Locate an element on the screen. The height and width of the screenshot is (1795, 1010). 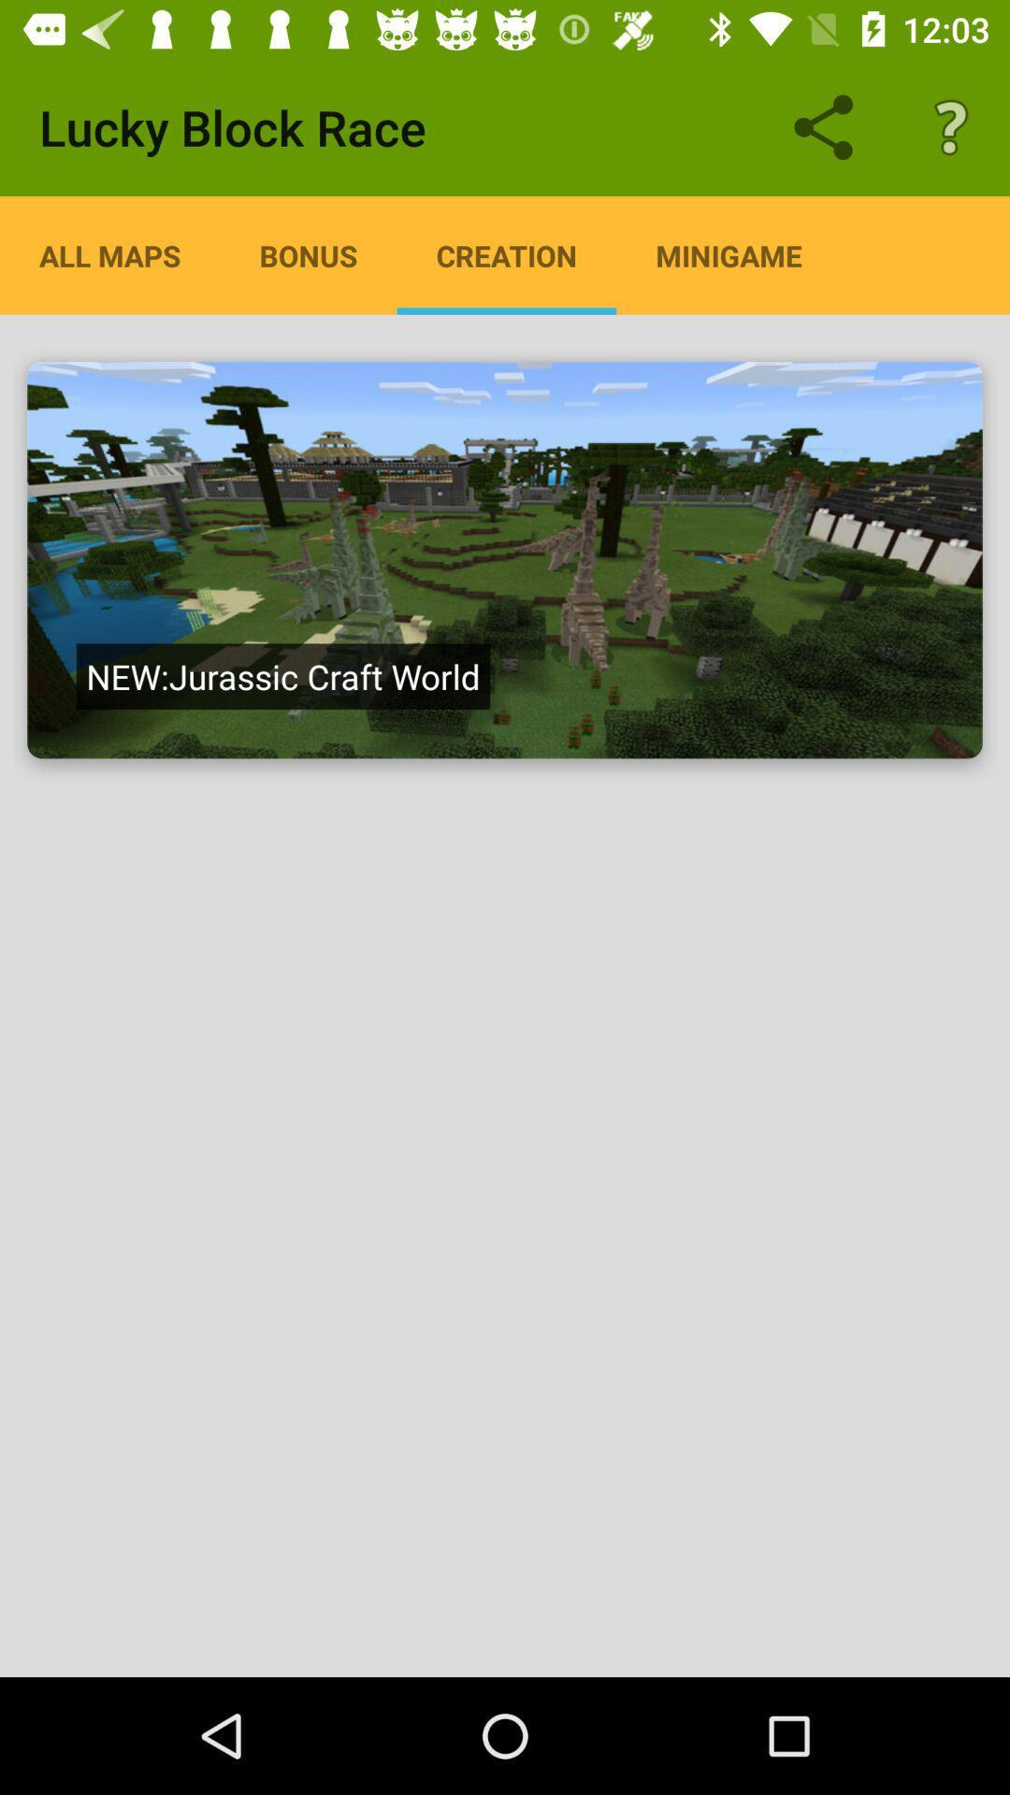
icon next to the bonus app is located at coordinates (109, 254).